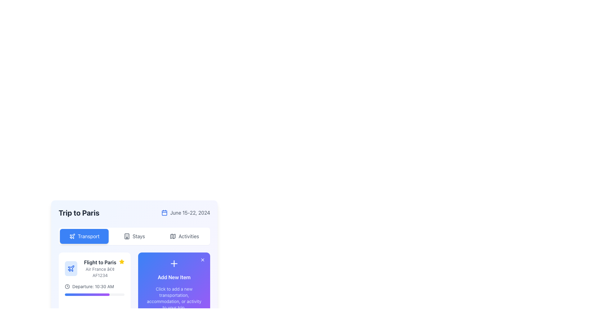 This screenshot has width=596, height=335. Describe the element at coordinates (202, 260) in the screenshot. I see `the close button located at the top-right corner of the 'Add New Item' card with a purple gradient background` at that location.